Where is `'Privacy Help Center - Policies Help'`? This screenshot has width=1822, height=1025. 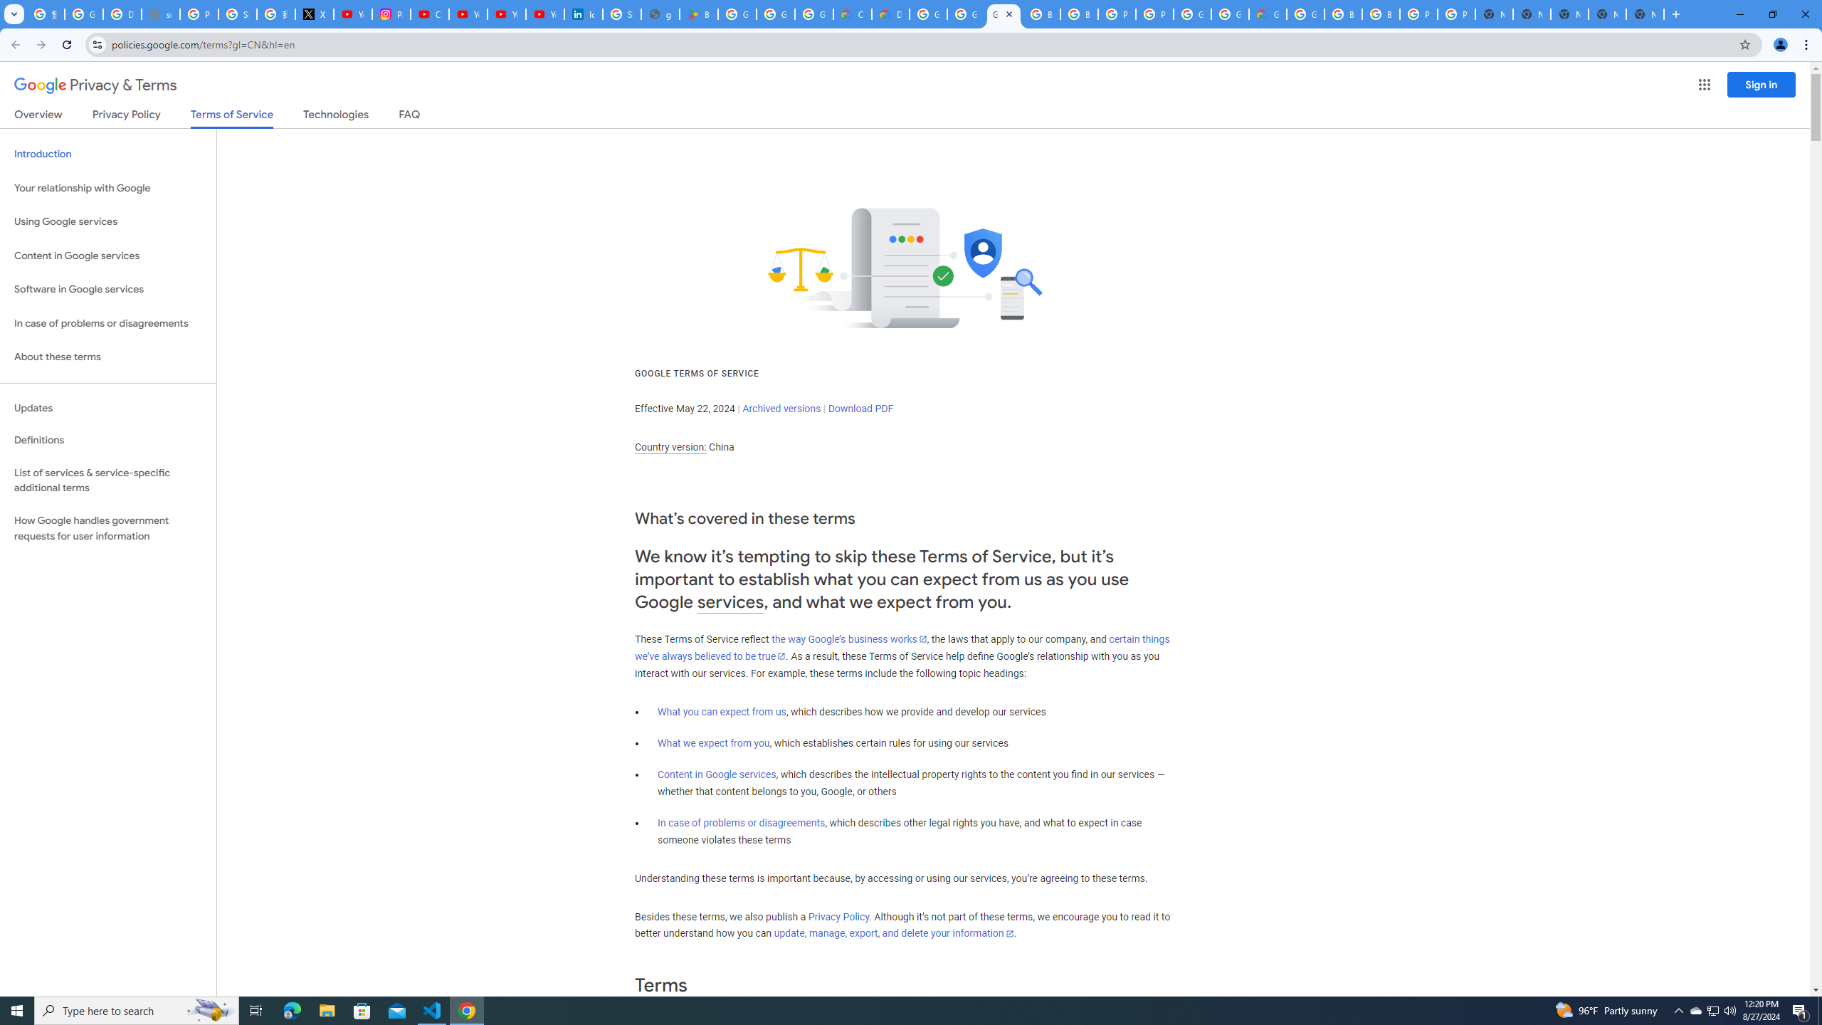 'Privacy Help Center - Policies Help' is located at coordinates (198, 14).